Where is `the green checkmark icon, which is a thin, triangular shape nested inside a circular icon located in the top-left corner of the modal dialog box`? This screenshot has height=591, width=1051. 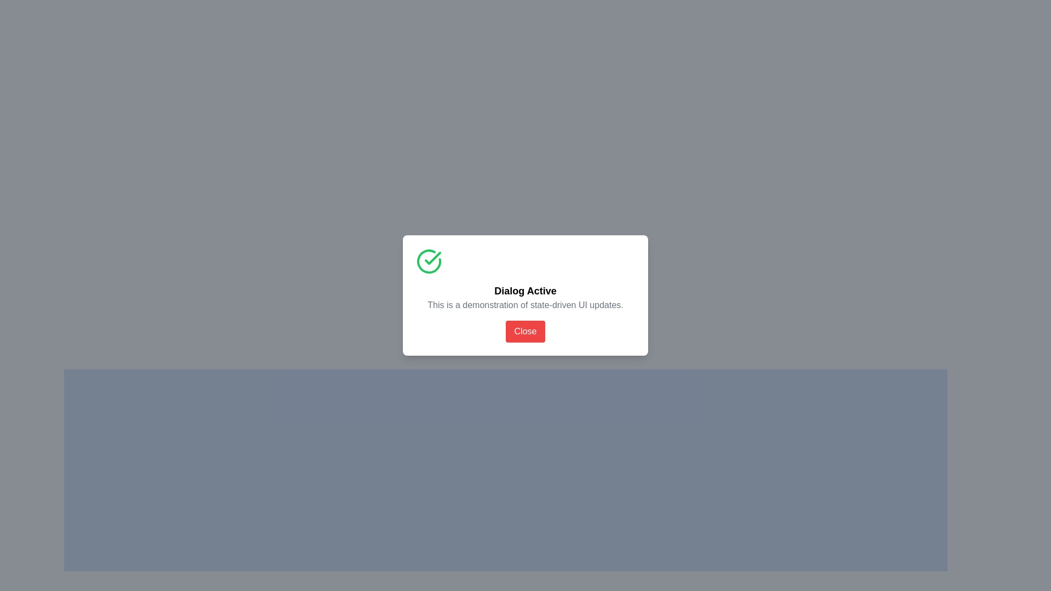
the green checkmark icon, which is a thin, triangular shape nested inside a circular icon located in the top-left corner of the modal dialog box is located at coordinates (432, 258).